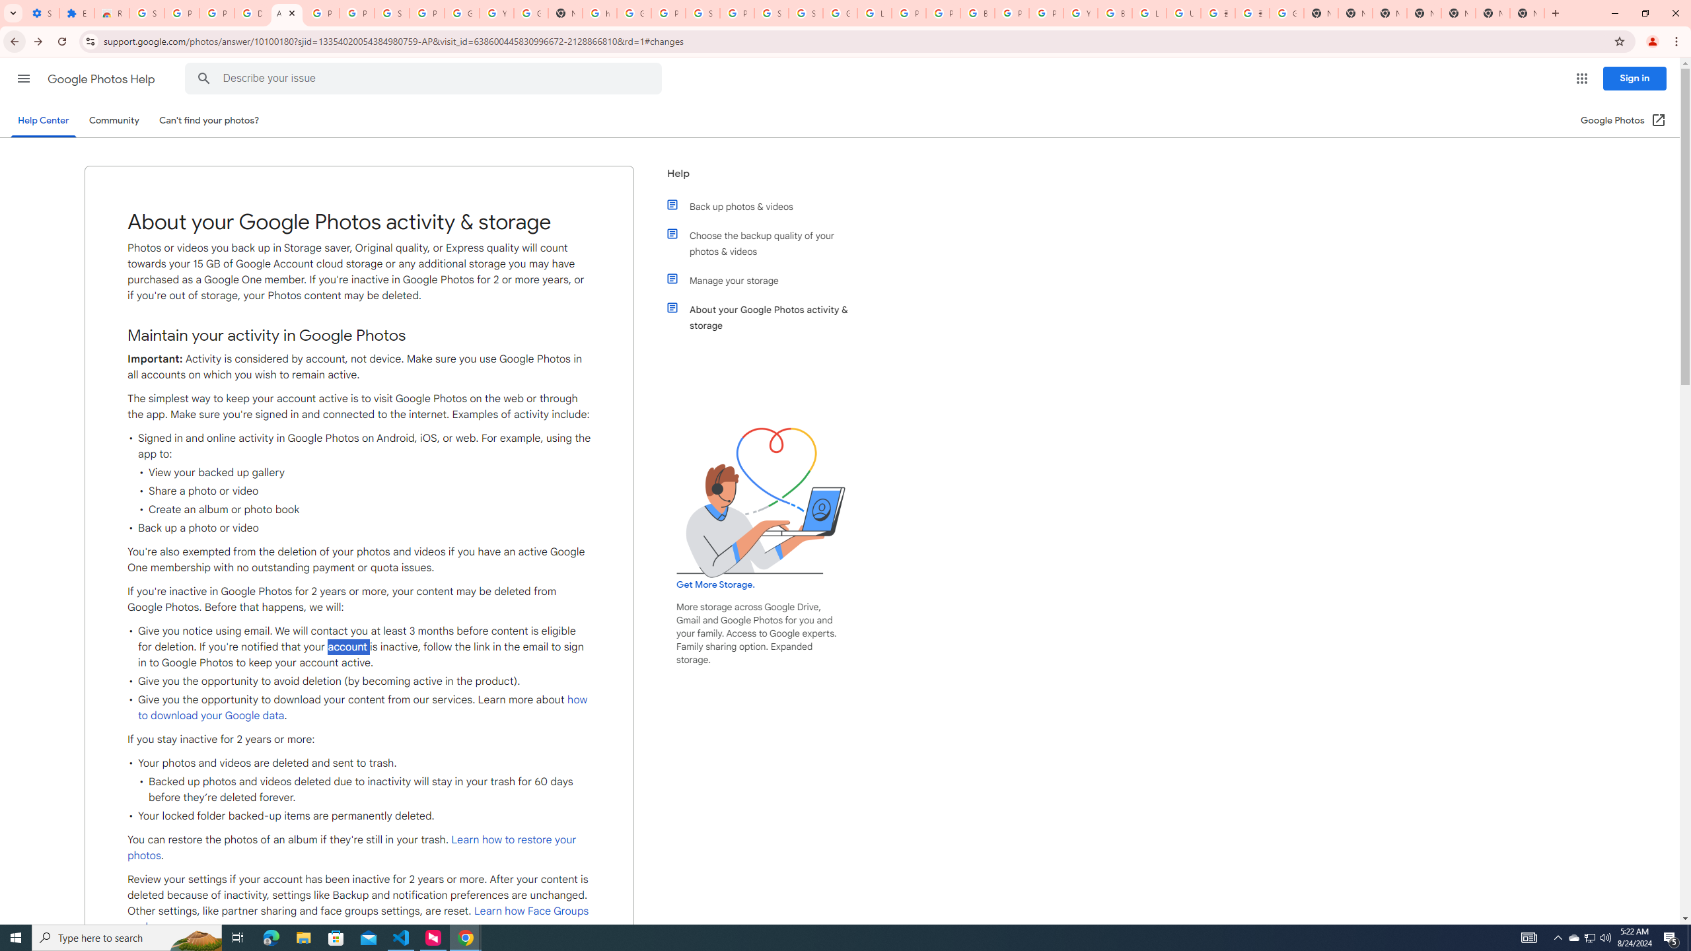 This screenshot has height=951, width=1691. What do you see at coordinates (357, 918) in the screenshot?
I see `'Learn how Face Groups works'` at bounding box center [357, 918].